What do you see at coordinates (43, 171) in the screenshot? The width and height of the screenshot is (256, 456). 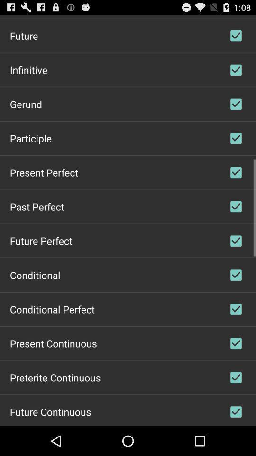 I see `present perfect item` at bounding box center [43, 171].